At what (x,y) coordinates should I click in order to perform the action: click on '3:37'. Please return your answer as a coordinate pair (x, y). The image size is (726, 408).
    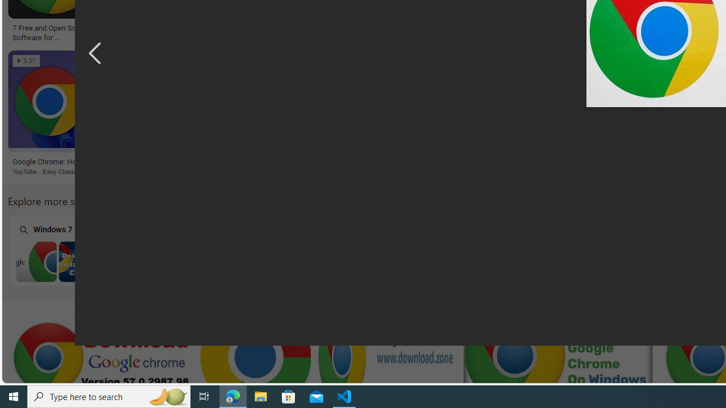
    Looking at the image, I should click on (26, 61).